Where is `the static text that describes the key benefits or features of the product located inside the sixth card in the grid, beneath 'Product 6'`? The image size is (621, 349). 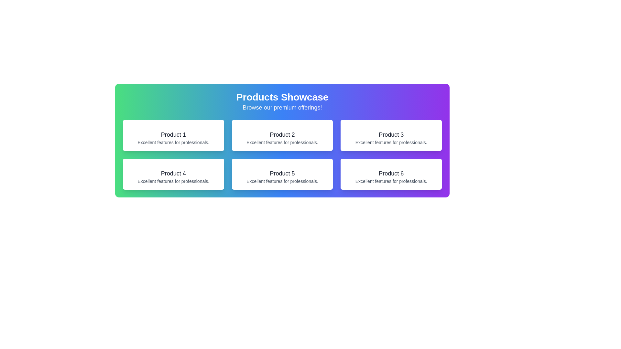
the static text that describes the key benefits or features of the product located inside the sixth card in the grid, beneath 'Product 6' is located at coordinates (391, 181).